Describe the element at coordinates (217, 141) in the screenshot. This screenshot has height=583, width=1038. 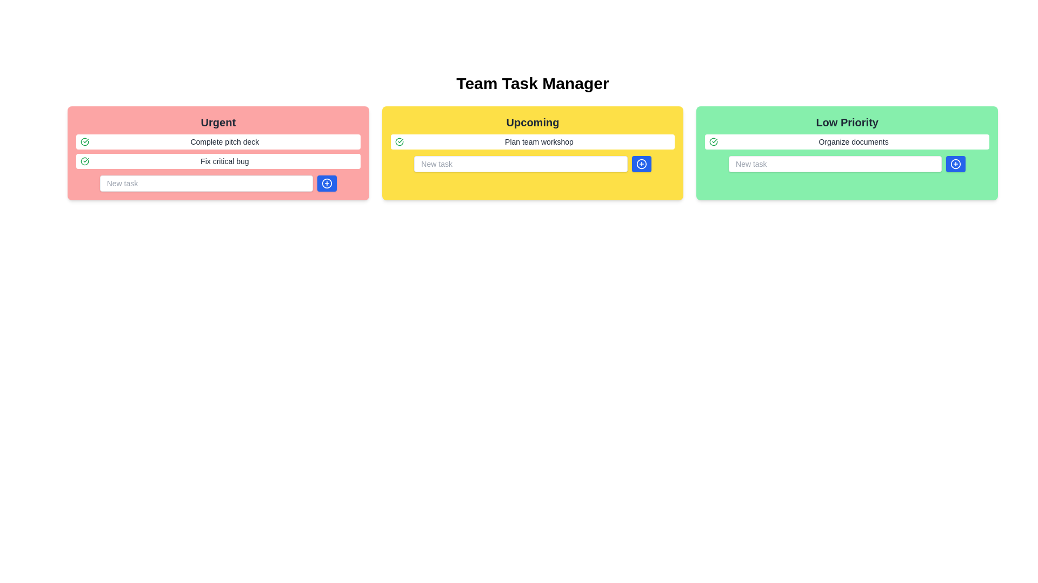
I see `to select or view details of the task labeled 'Complete pitch deck', which is the first item in the red-colored 'Urgent' task list` at that location.